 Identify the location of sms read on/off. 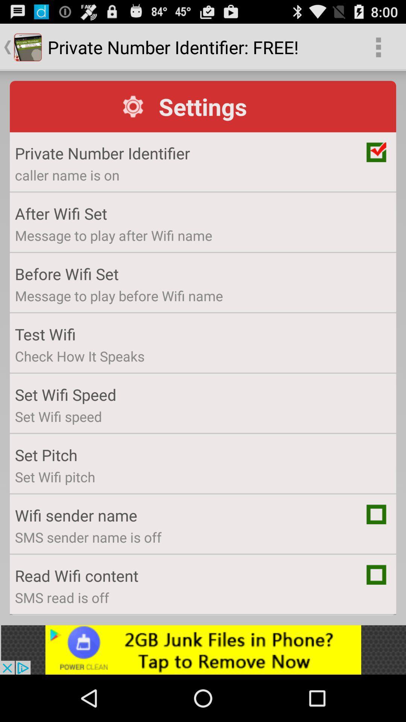
(376, 574).